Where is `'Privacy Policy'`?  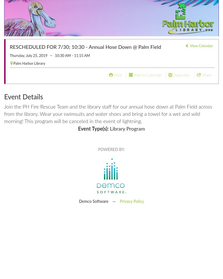
'Privacy Policy' is located at coordinates (120, 201).